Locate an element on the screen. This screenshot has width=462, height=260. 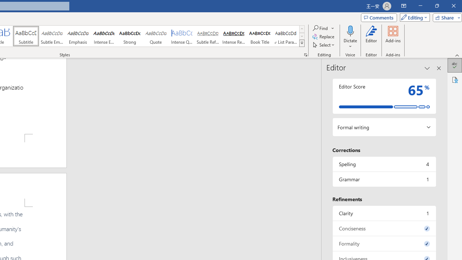
'Clarity, 1 issue. Press space or enter to review items.' is located at coordinates (384, 213).